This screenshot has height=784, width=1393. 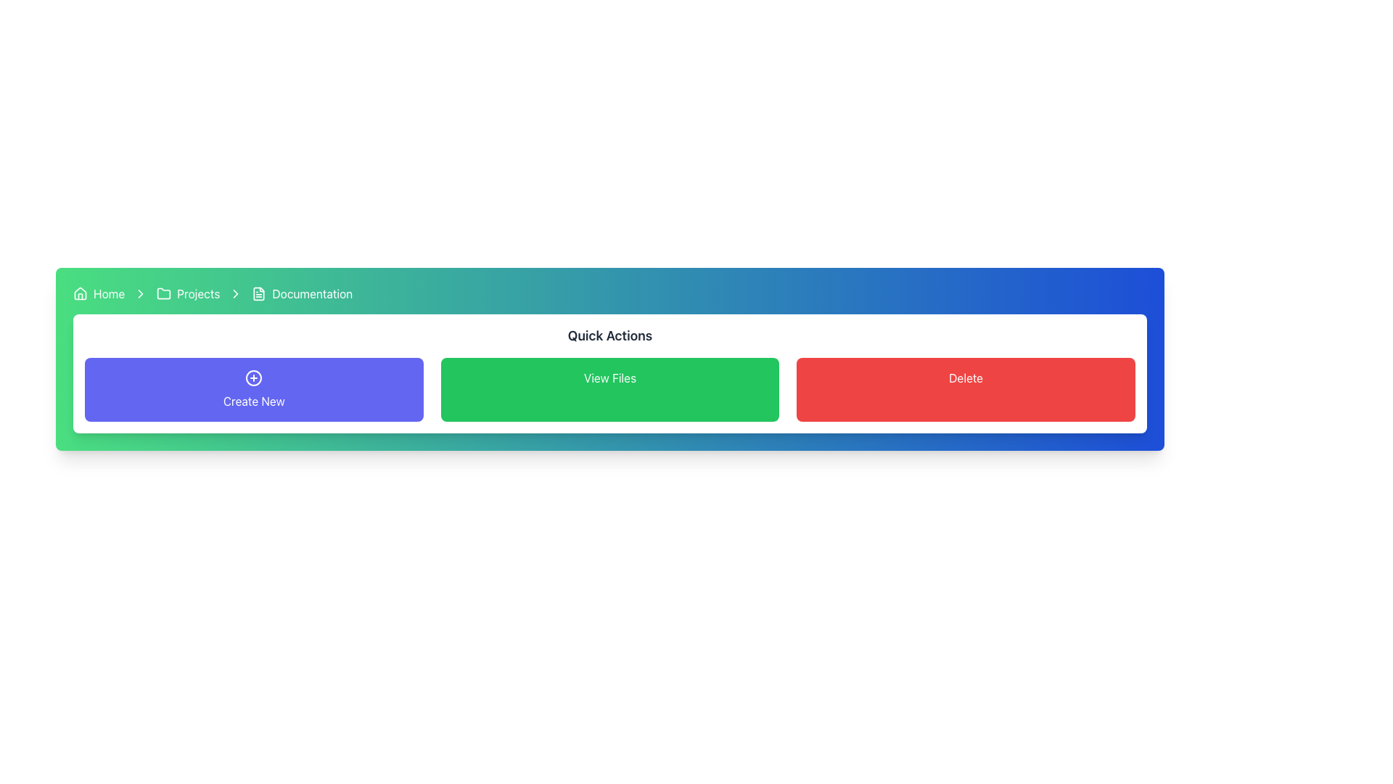 What do you see at coordinates (236, 294) in the screenshot?
I see `the right-facing chevron icon in the breadcrumb navigation bar, which is outlined in white and positioned between 'Projects' and 'Documentation'` at bounding box center [236, 294].